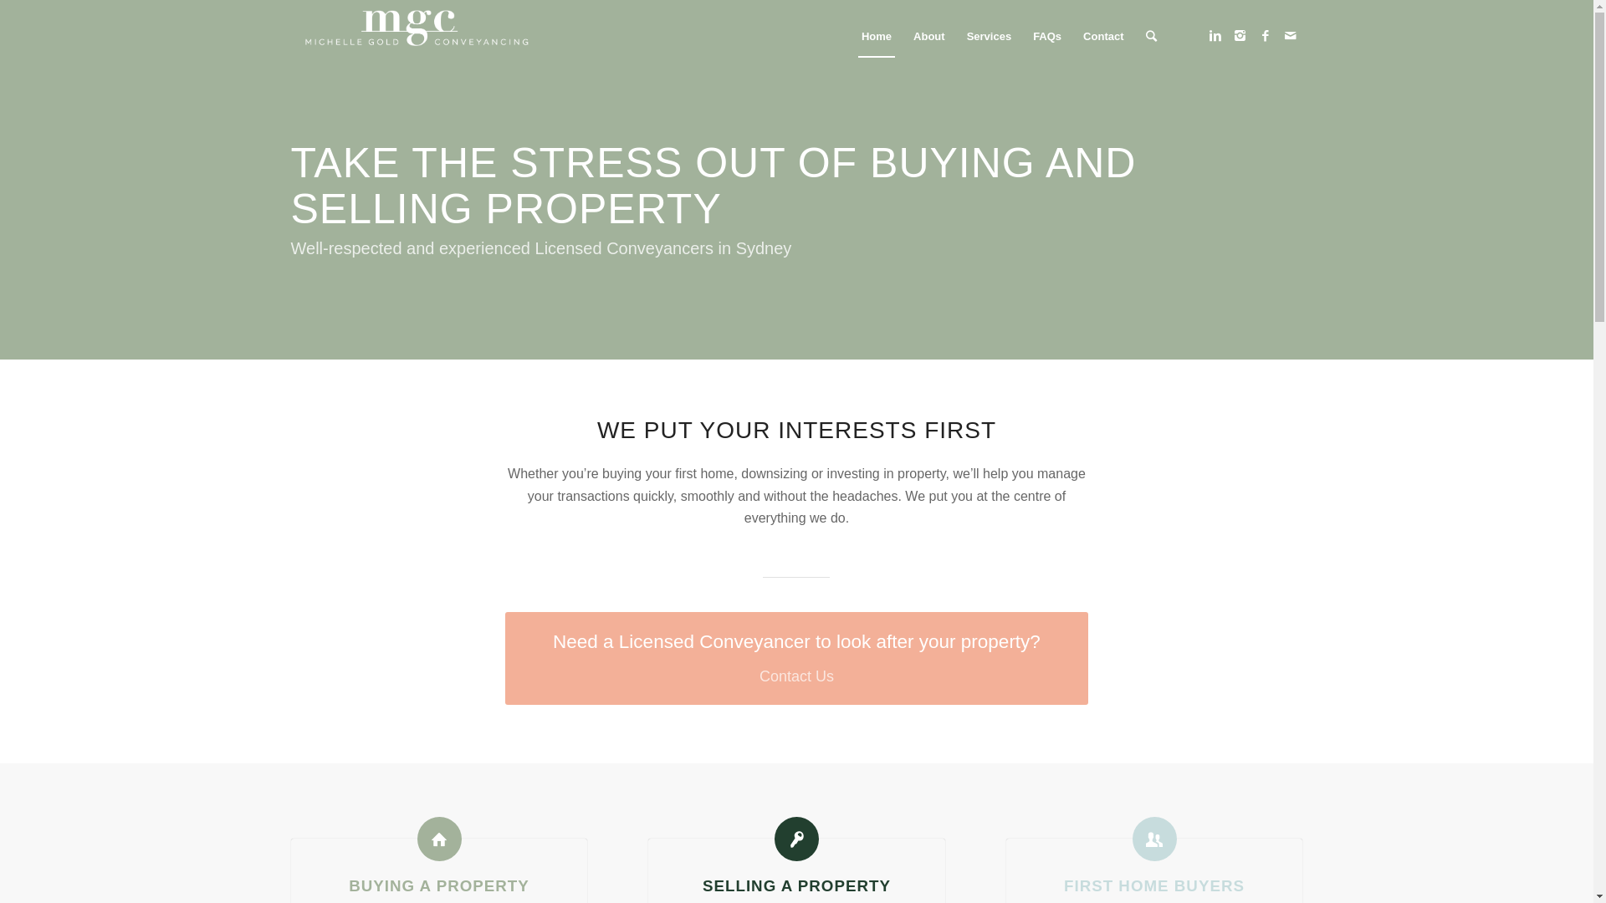  Describe the element at coordinates (417, 839) in the screenshot. I see `'Buying a property'` at that location.